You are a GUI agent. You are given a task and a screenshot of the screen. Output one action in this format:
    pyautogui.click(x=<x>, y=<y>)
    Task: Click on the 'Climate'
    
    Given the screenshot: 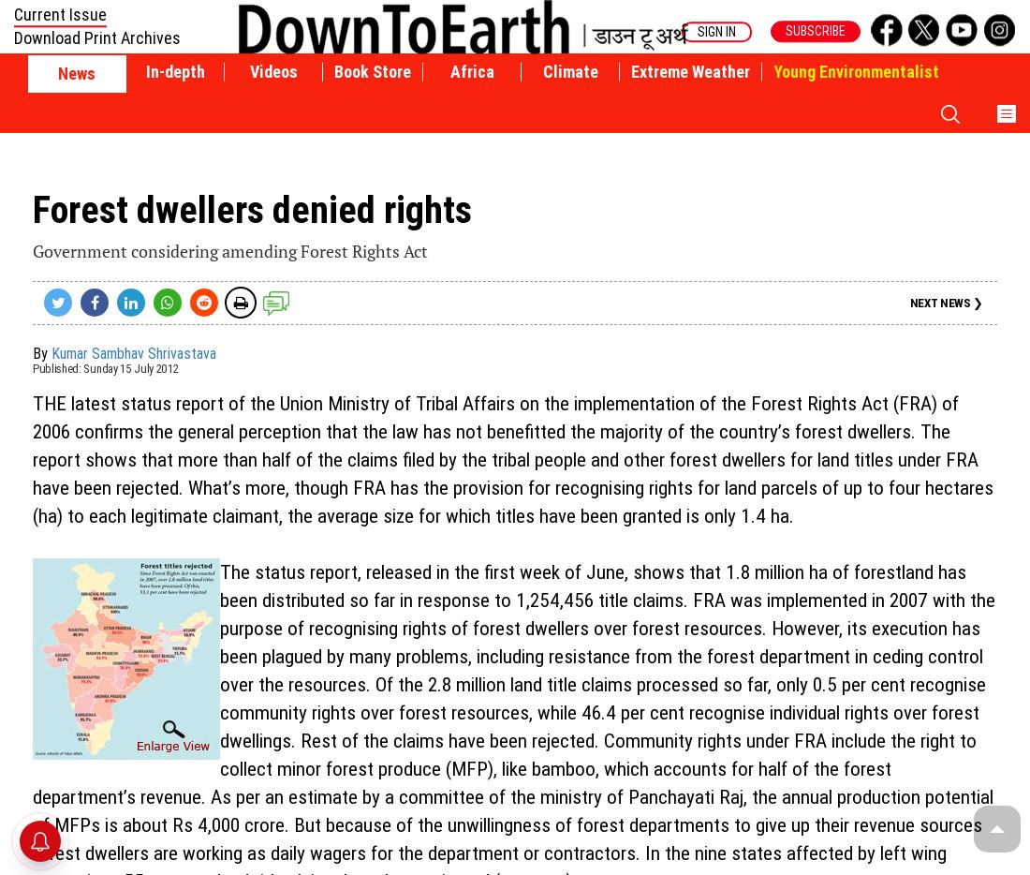 What is the action you would take?
    pyautogui.click(x=568, y=71)
    